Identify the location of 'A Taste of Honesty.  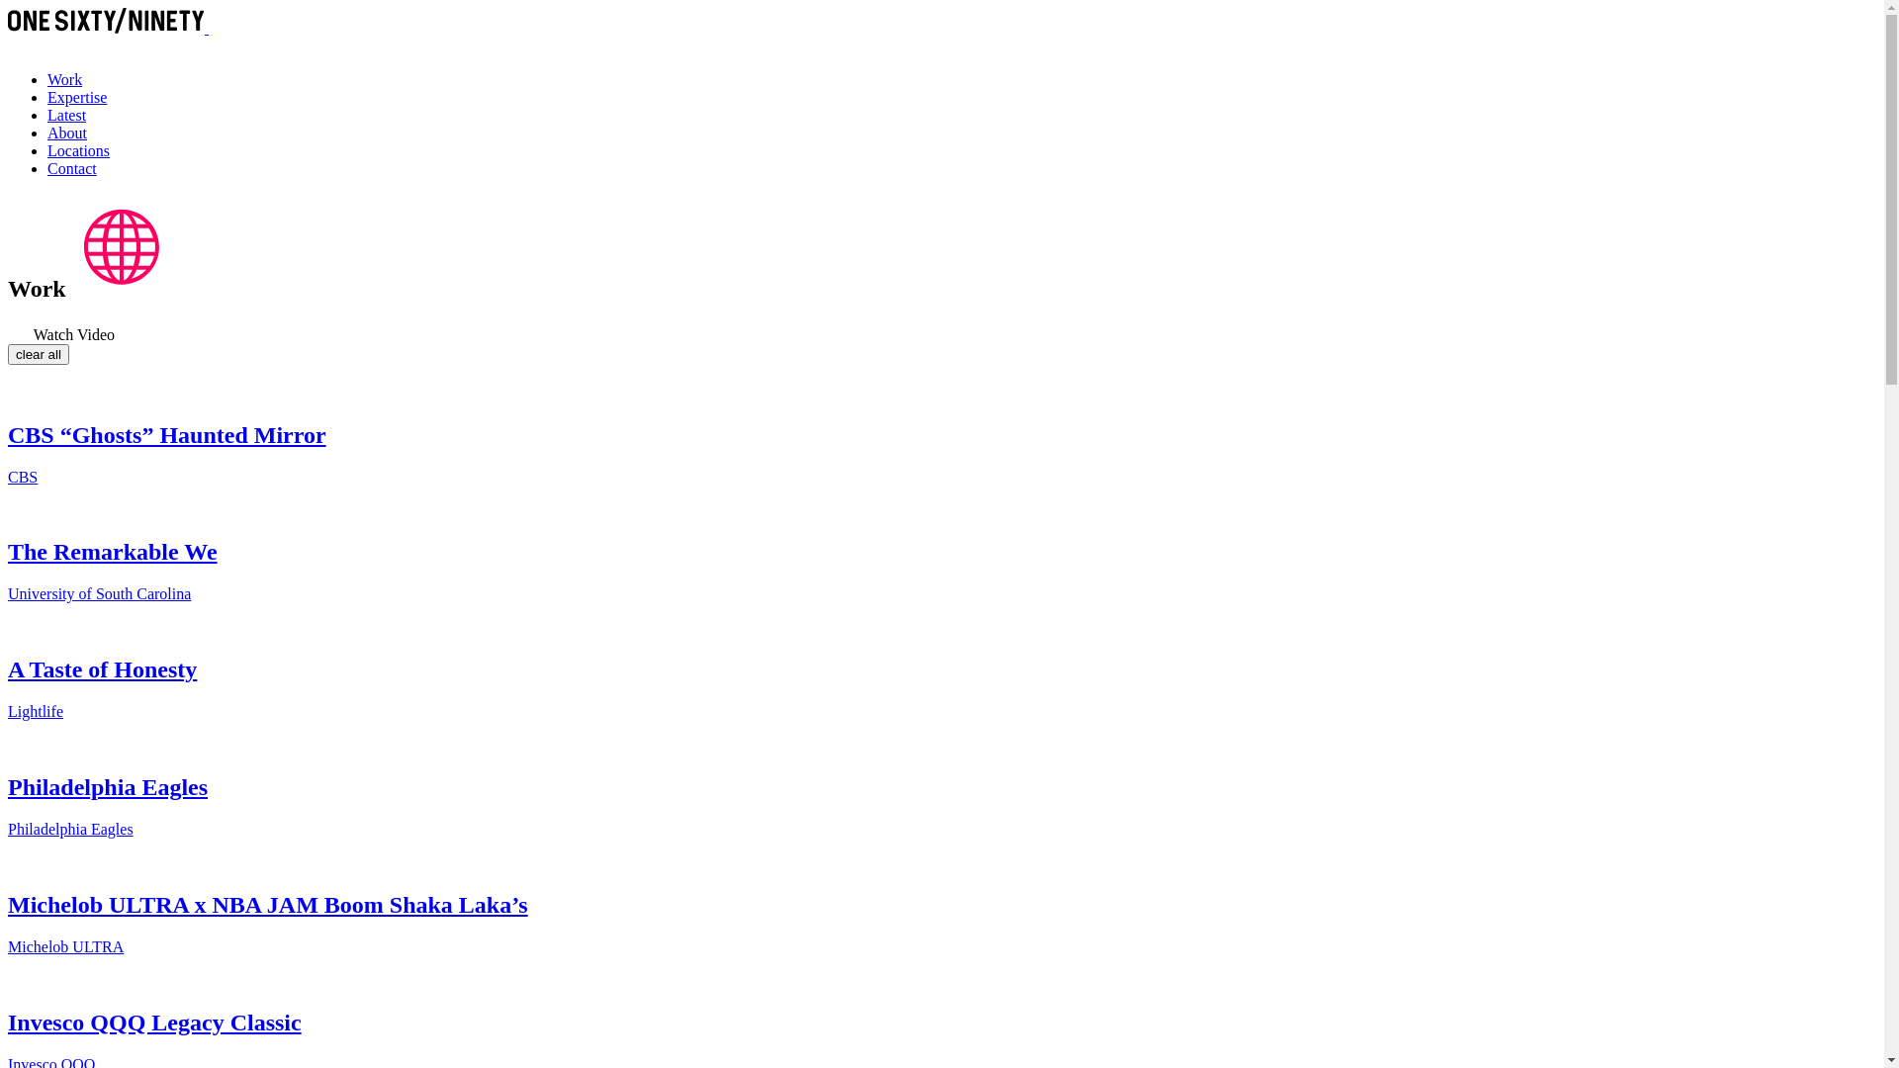
(8, 668).